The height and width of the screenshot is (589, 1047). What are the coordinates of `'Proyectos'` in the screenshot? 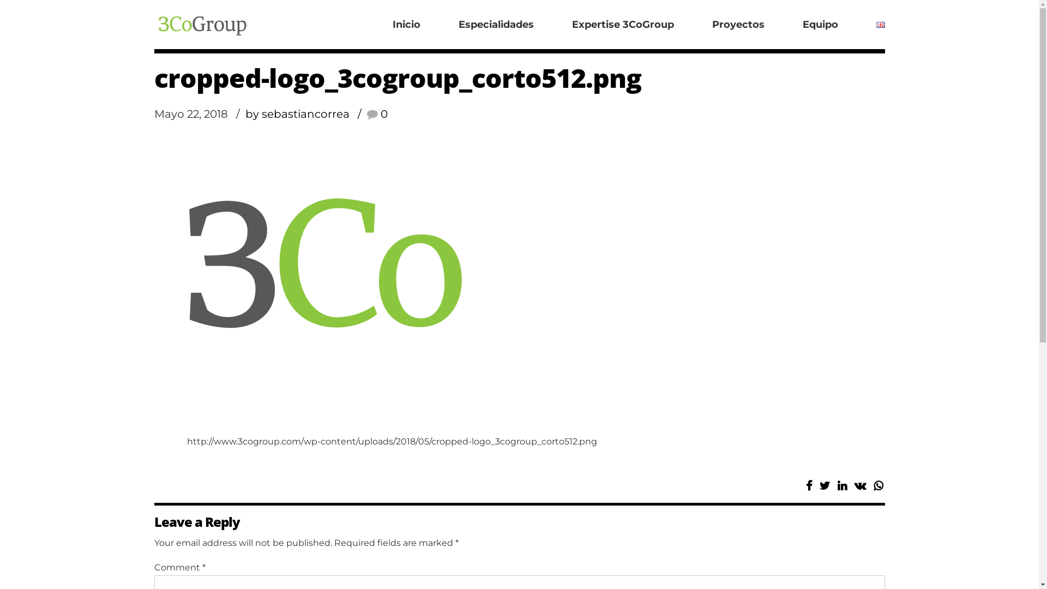 It's located at (712, 25).